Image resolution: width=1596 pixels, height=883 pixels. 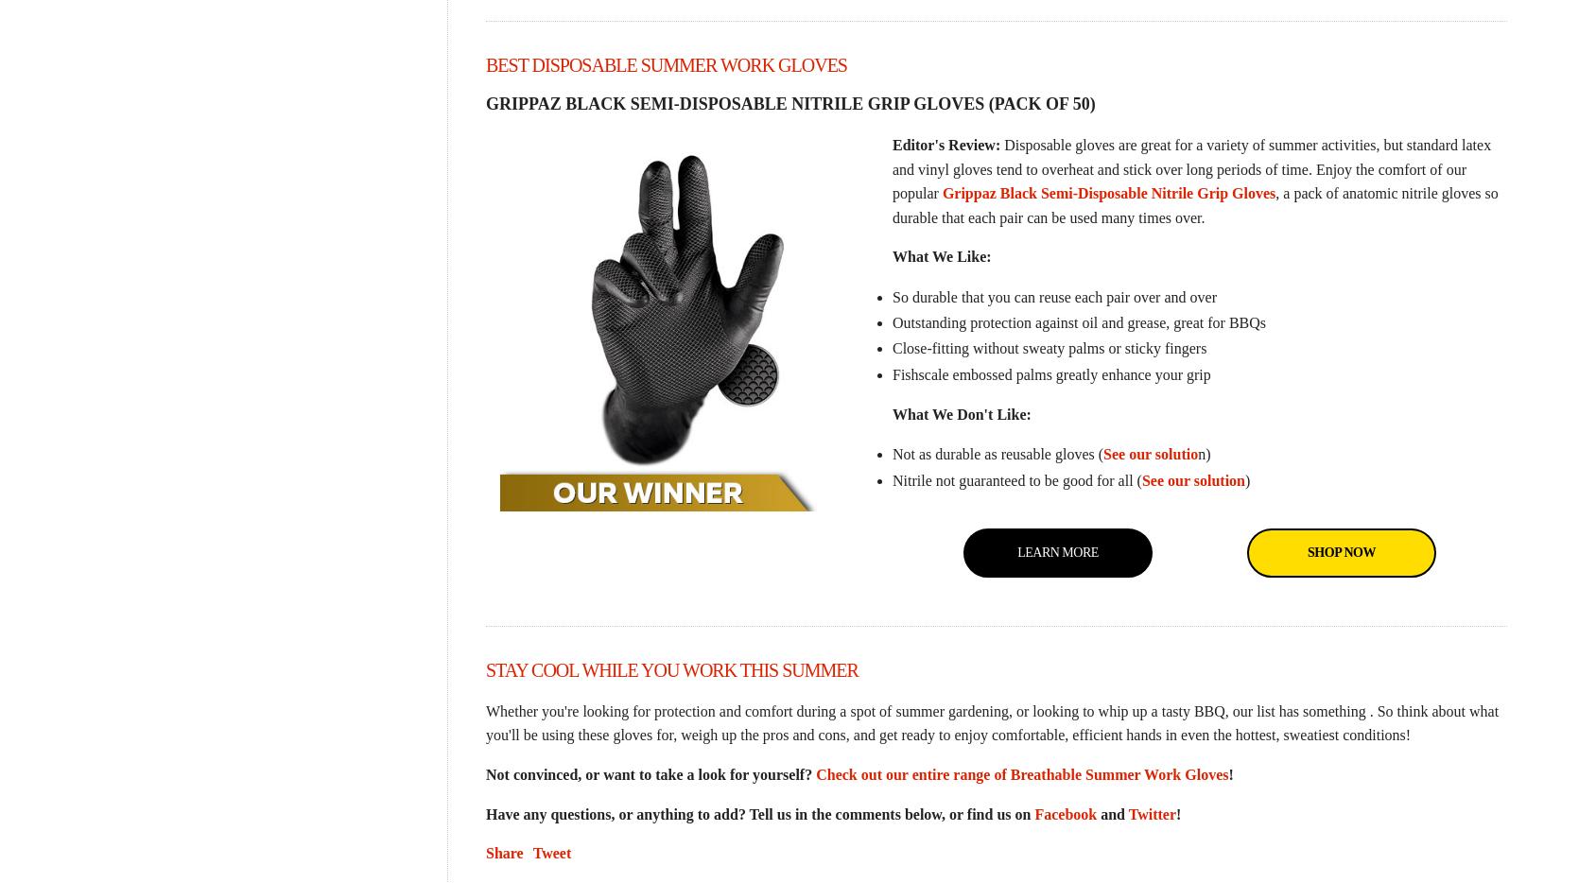 What do you see at coordinates (891, 453) in the screenshot?
I see `'Not as durable as reusable gloves ('` at bounding box center [891, 453].